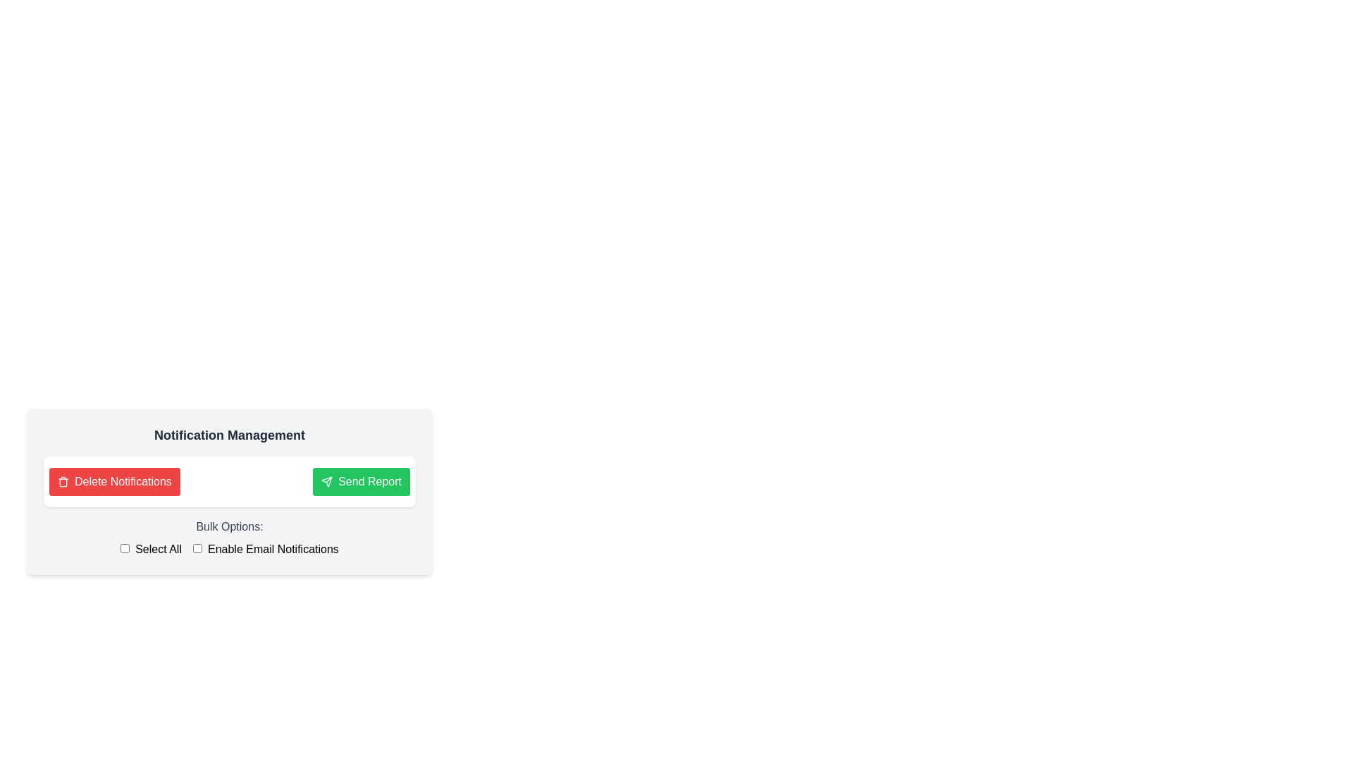 This screenshot has height=761, width=1353. I want to click on the paper plane icon located within the green 'Send Report' button, which is positioned on the top right of the 'Notification Management' area, next to the red 'Delete Notifications' button, so click(326, 481).